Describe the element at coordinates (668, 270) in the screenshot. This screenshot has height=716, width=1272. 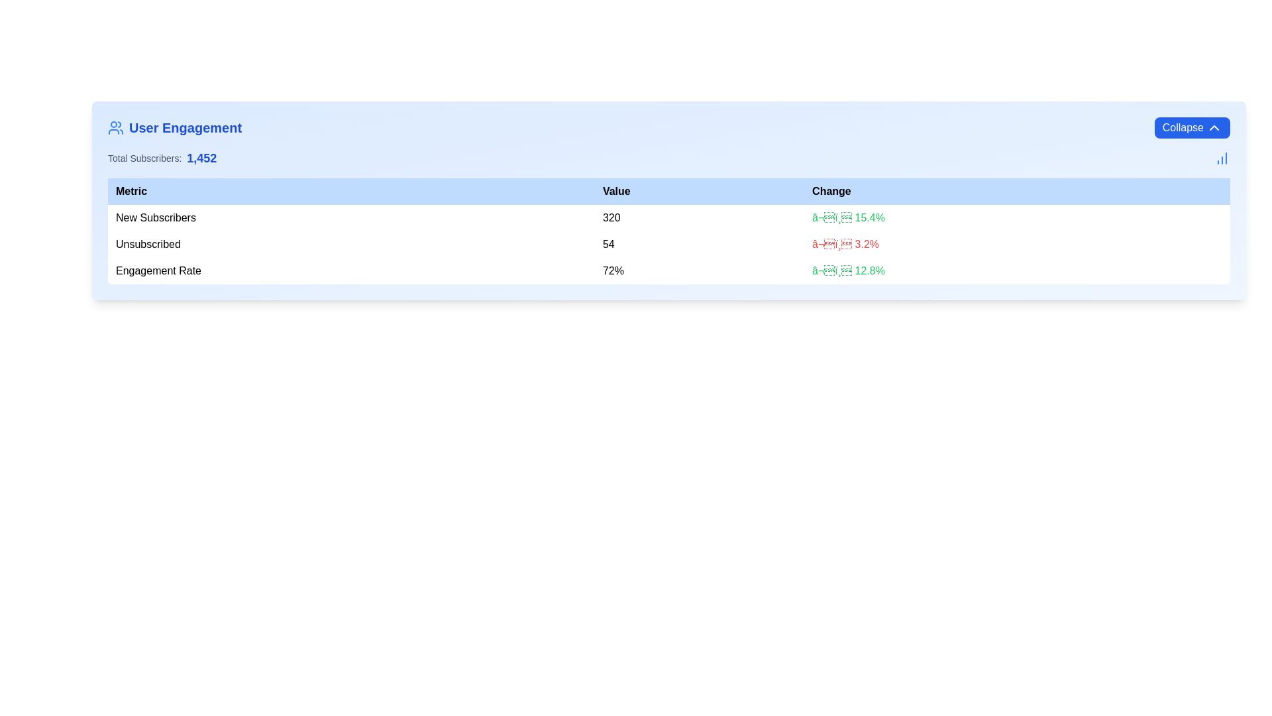
I see `the Information Display element that shows the engagement rate statistic, located in the third row of a table under the columns 'Metric', 'Value', and 'Change'` at that location.